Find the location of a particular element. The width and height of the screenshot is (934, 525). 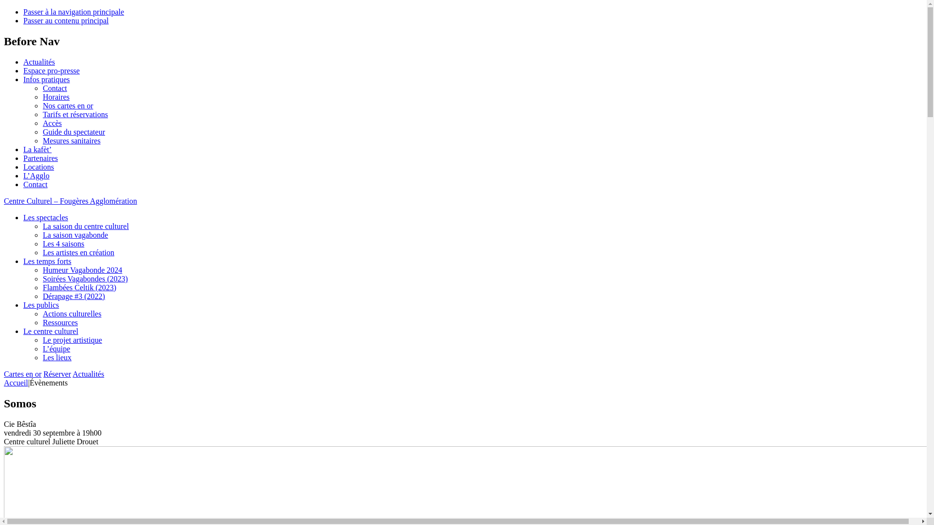

'Infos pratiques' is located at coordinates (46, 79).